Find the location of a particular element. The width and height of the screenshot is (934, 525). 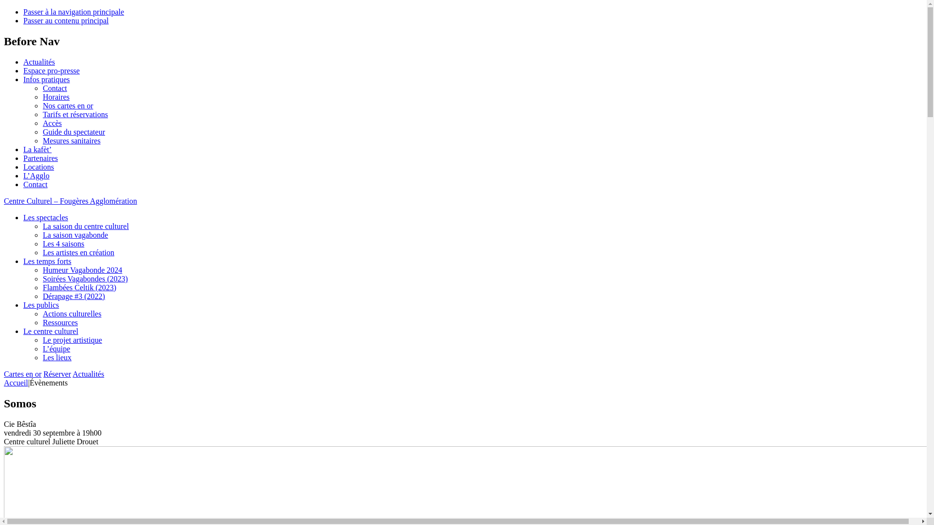

'Infos pratiques' is located at coordinates (46, 79).